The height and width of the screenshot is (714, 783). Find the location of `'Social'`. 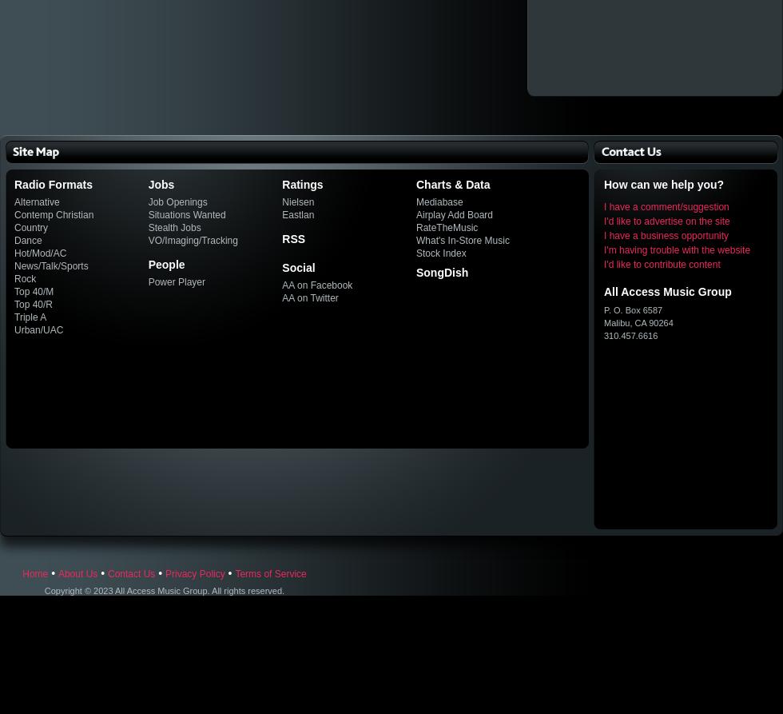

'Social' is located at coordinates (298, 267).